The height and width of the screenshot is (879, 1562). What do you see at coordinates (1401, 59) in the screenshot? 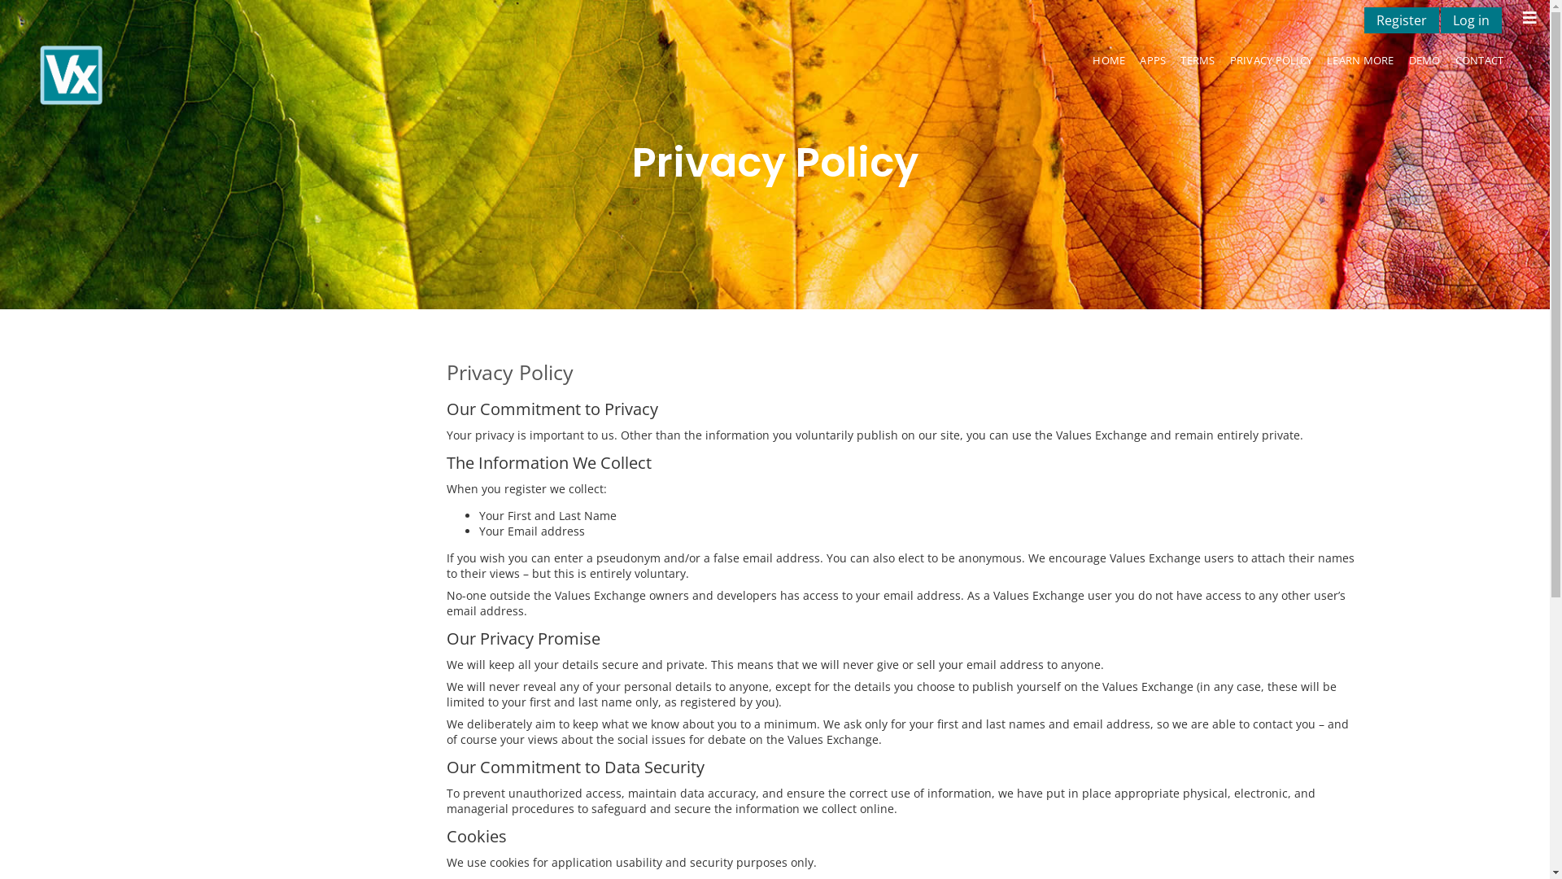
I see `'DEMO'` at bounding box center [1401, 59].